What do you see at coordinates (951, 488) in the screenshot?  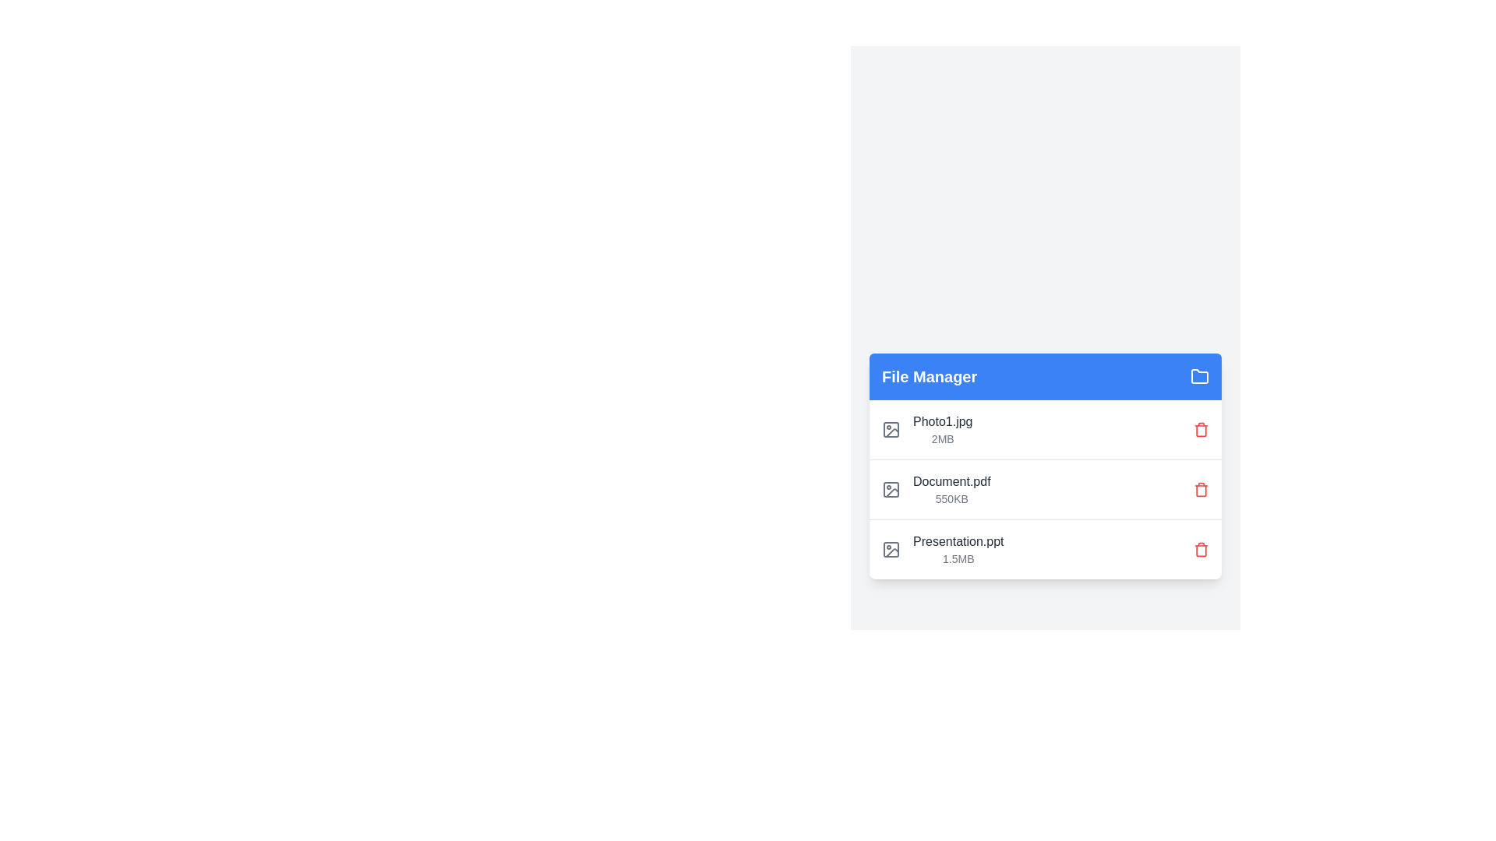 I see `the second file entry in the file manager, which provides details about the file name and size` at bounding box center [951, 488].